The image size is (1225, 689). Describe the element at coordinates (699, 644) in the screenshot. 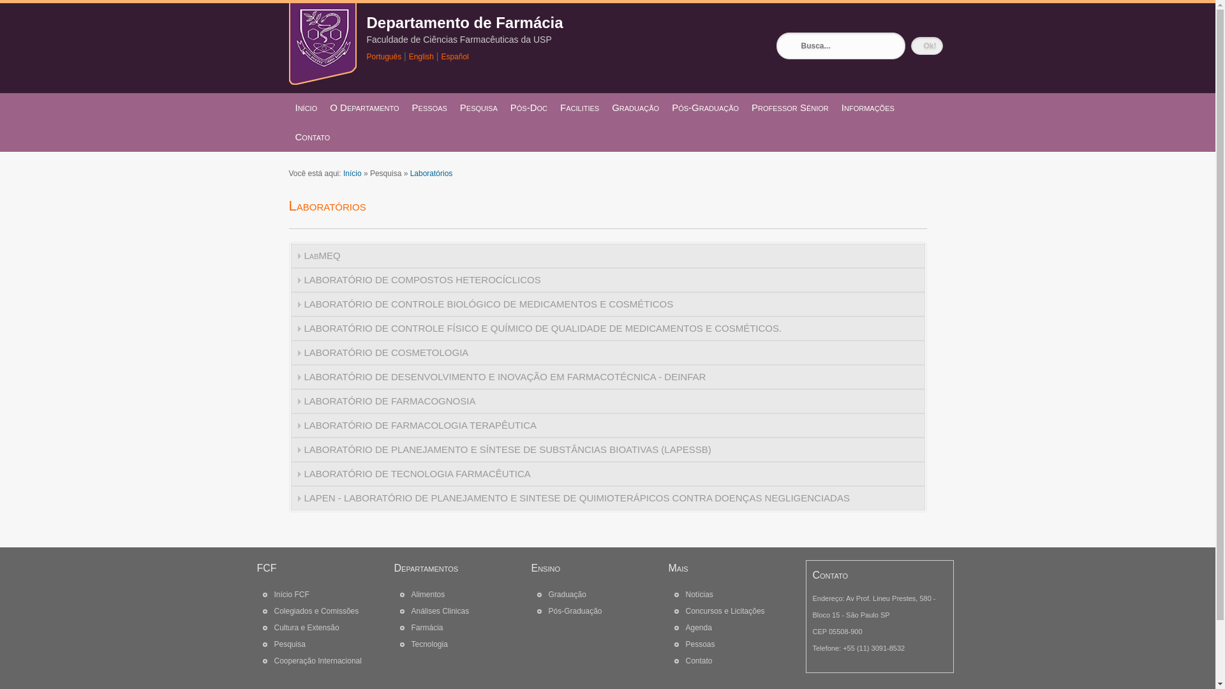

I see `'Pessoas'` at that location.